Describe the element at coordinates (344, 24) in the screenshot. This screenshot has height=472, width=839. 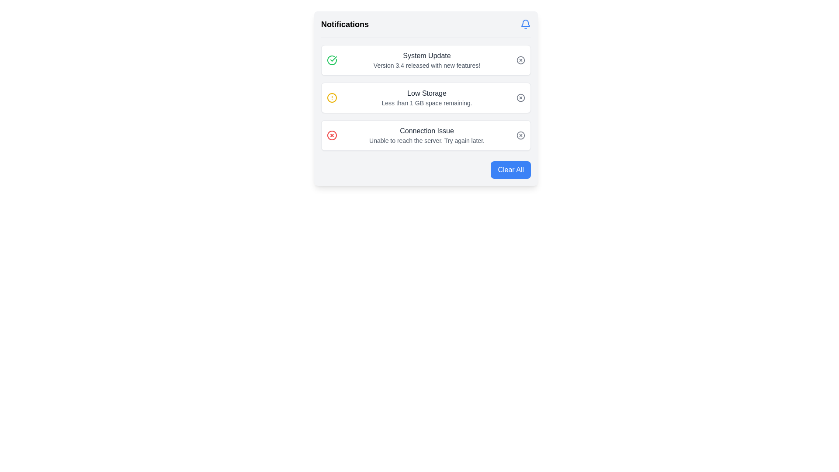
I see `the bold 'Notifications' text label located at the top-left area of the notification card interface` at that location.